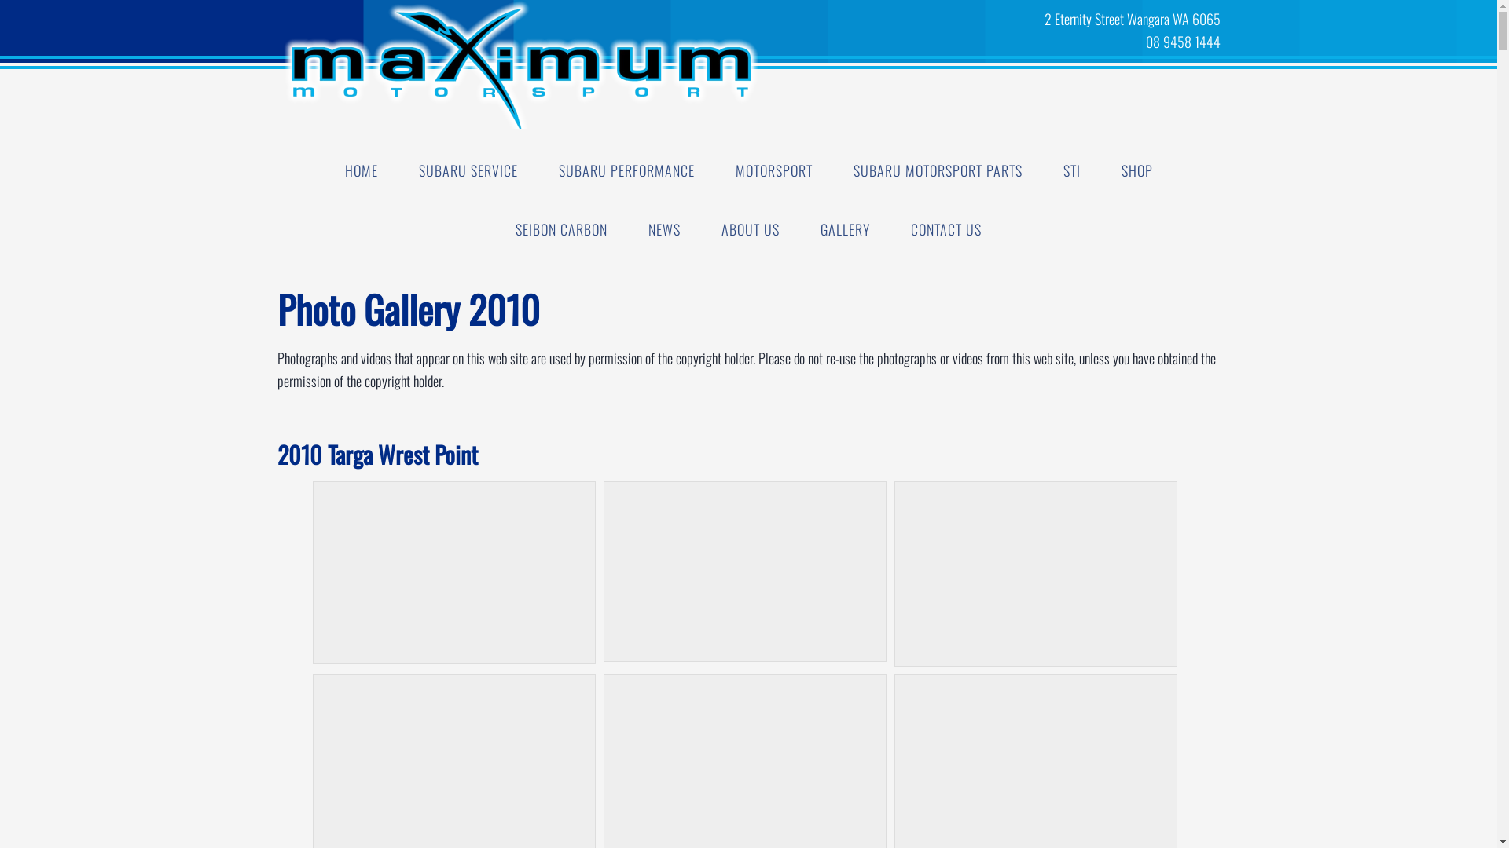 Image resolution: width=1509 pixels, height=848 pixels. I want to click on 'SHOP', so click(1100, 170).